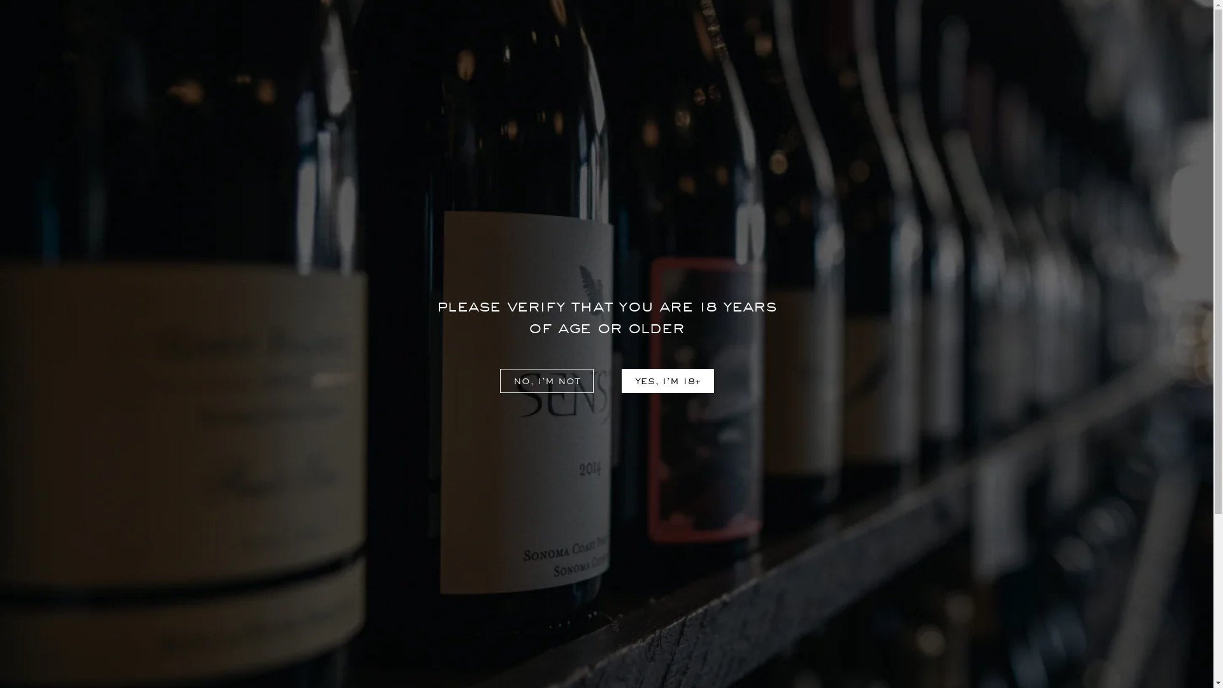 The height and width of the screenshot is (688, 1223). Describe the element at coordinates (605, 334) in the screenshot. I see `'Continue shopping'` at that location.